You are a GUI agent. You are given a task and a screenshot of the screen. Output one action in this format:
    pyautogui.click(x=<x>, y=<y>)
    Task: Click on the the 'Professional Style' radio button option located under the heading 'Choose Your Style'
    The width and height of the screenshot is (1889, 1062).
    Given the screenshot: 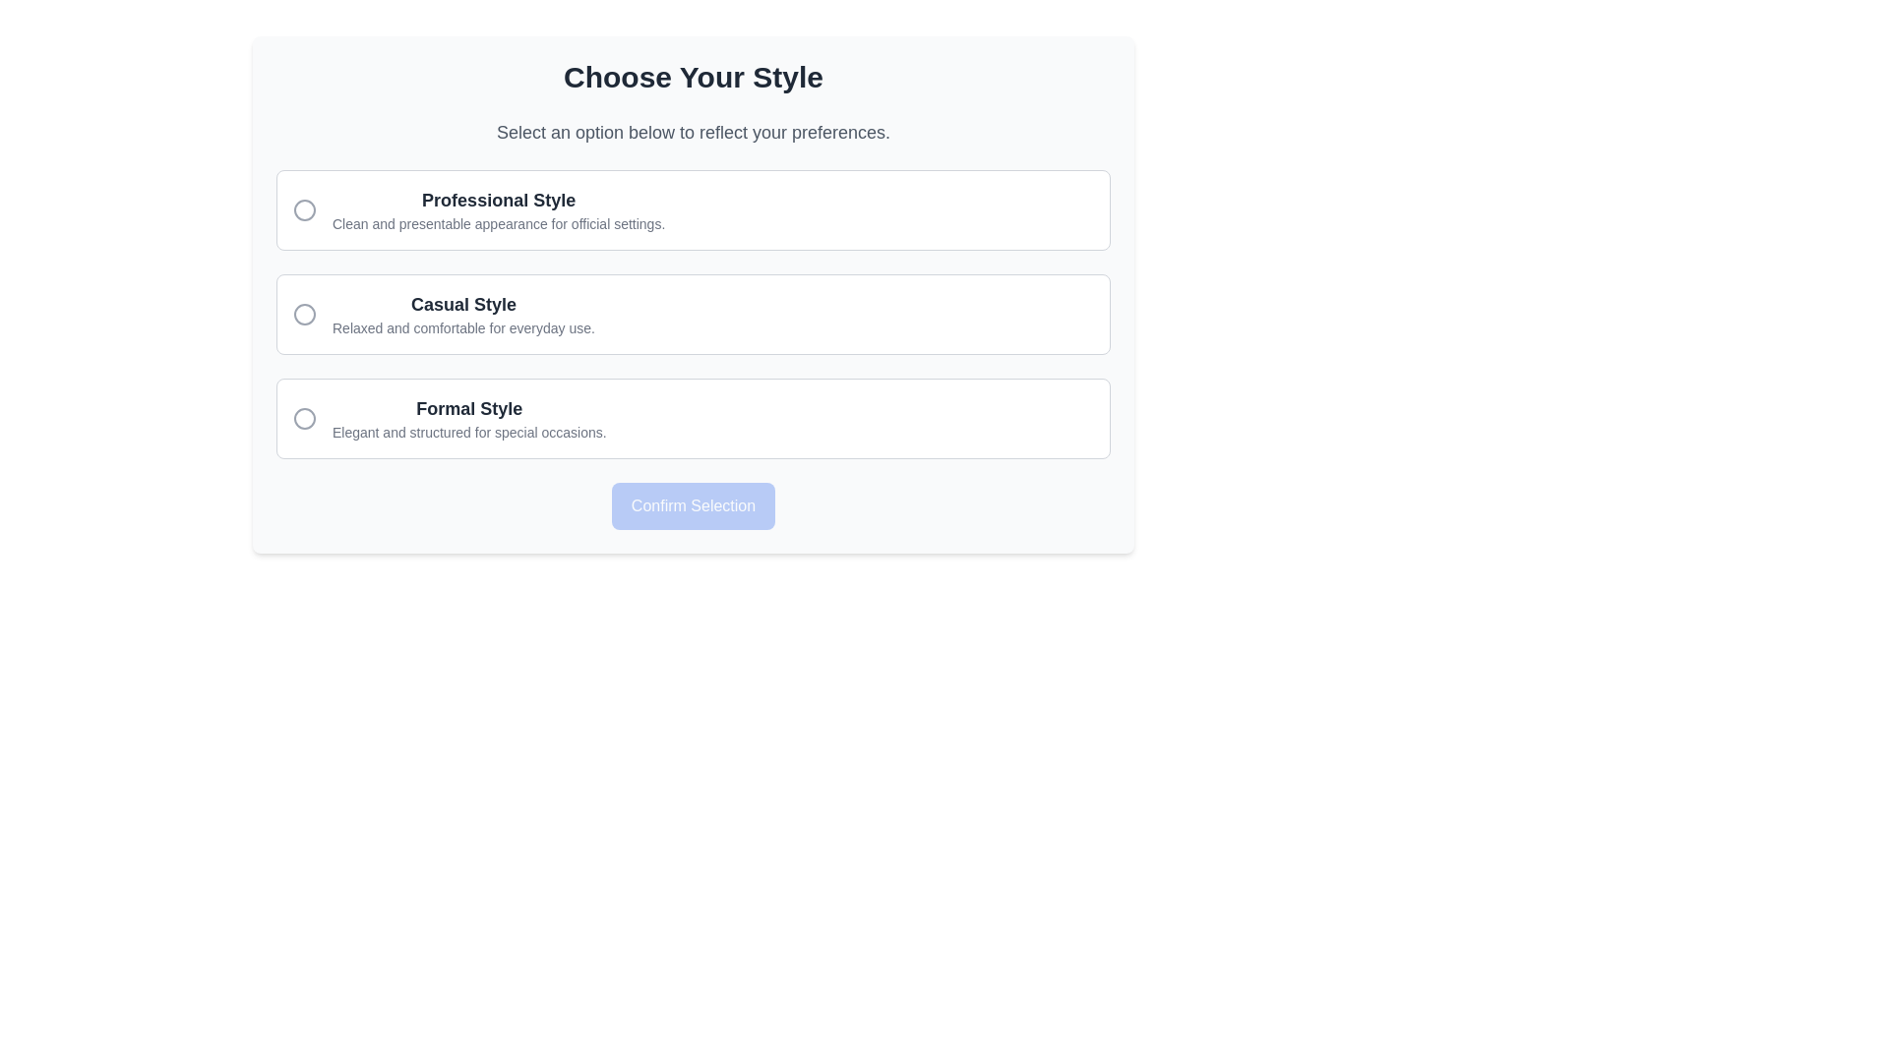 What is the action you would take?
    pyautogui.click(x=499, y=209)
    